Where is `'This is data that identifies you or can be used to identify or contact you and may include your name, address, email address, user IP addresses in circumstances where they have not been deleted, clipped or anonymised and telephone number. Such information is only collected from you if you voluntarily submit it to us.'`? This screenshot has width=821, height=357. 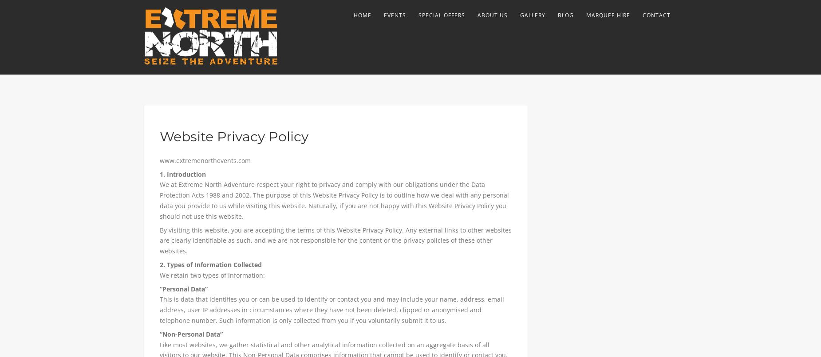 'This is data that identifies you or can be used to identify or contact you and may include your name, address, email address, user IP addresses in circumstances where they have not been deleted, clipped or anonymised and telephone number. Such information is only collected from you if you voluntarily submit it to us.' is located at coordinates (159, 310).